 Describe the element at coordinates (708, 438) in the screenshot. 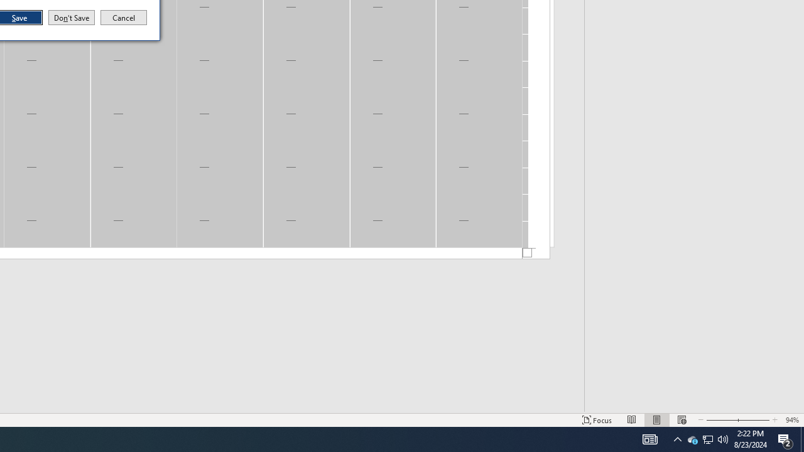

I see `'User Promoted Notification Area'` at that location.